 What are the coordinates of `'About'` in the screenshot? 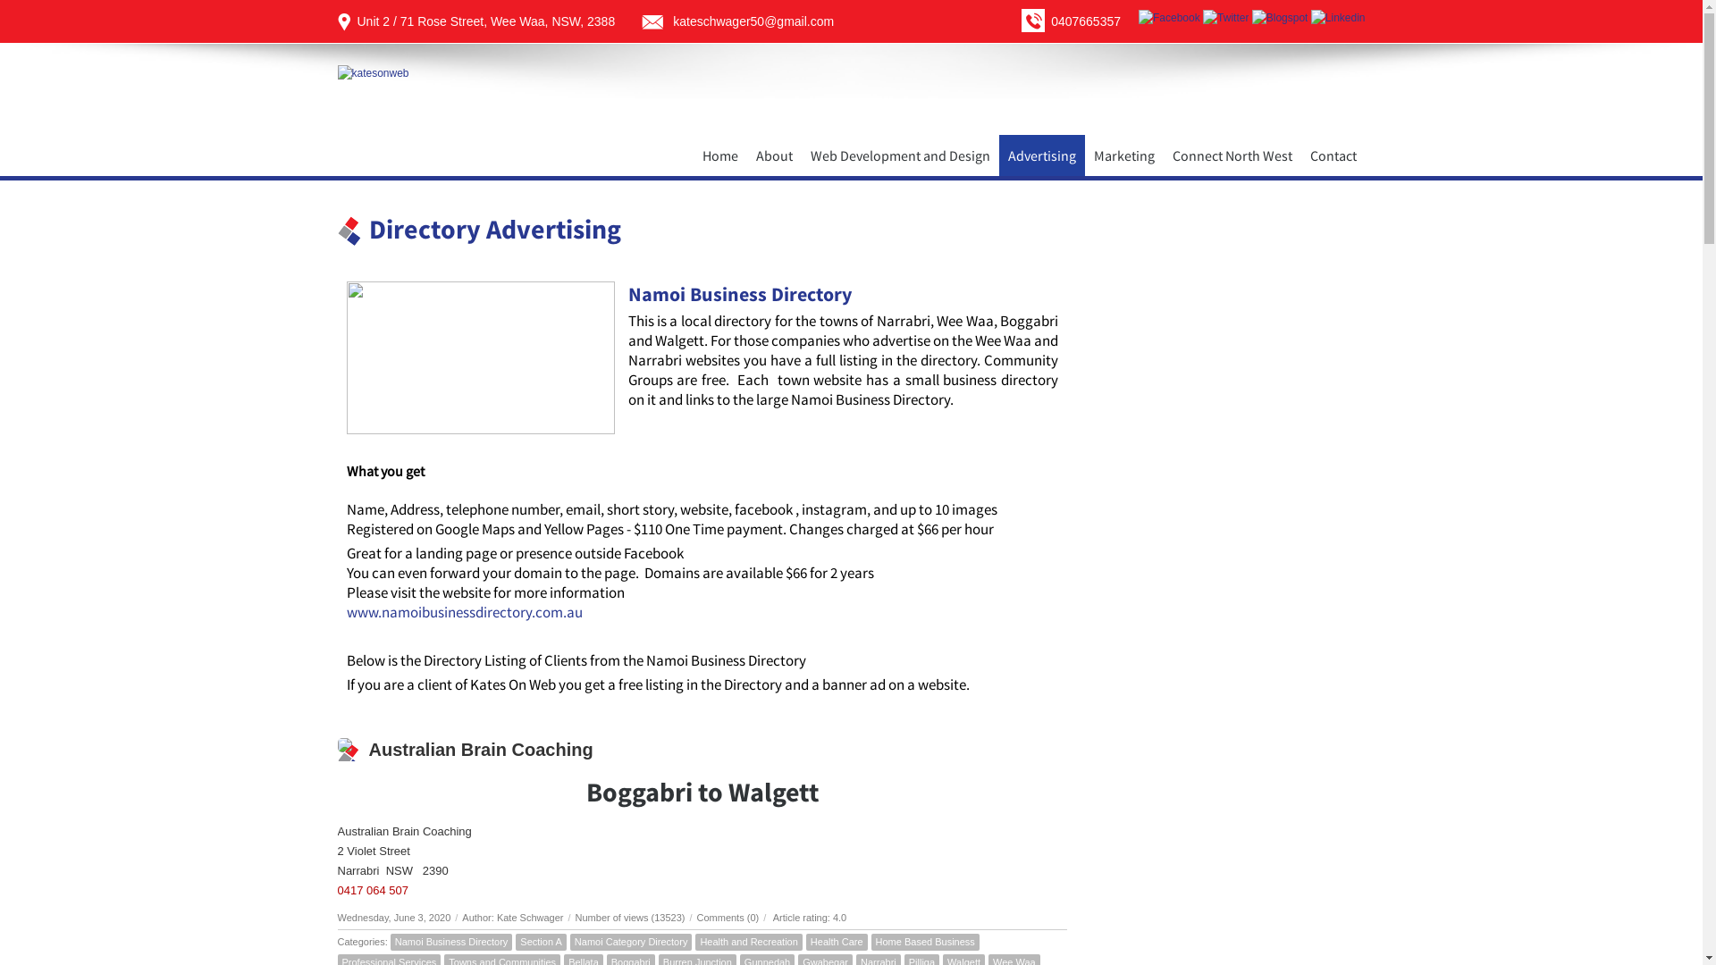 It's located at (774, 154).